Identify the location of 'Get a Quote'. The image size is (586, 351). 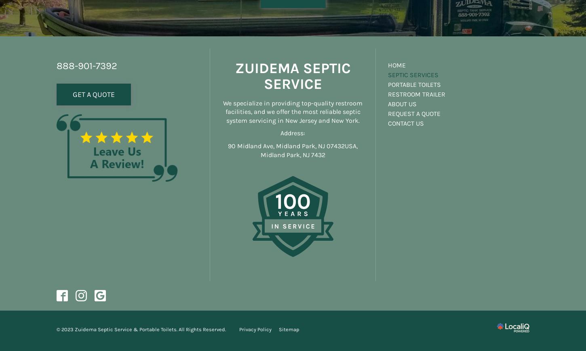
(93, 93).